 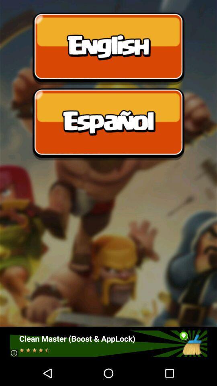 What do you see at coordinates (108, 124) in the screenshot?
I see `set language to spanish` at bounding box center [108, 124].